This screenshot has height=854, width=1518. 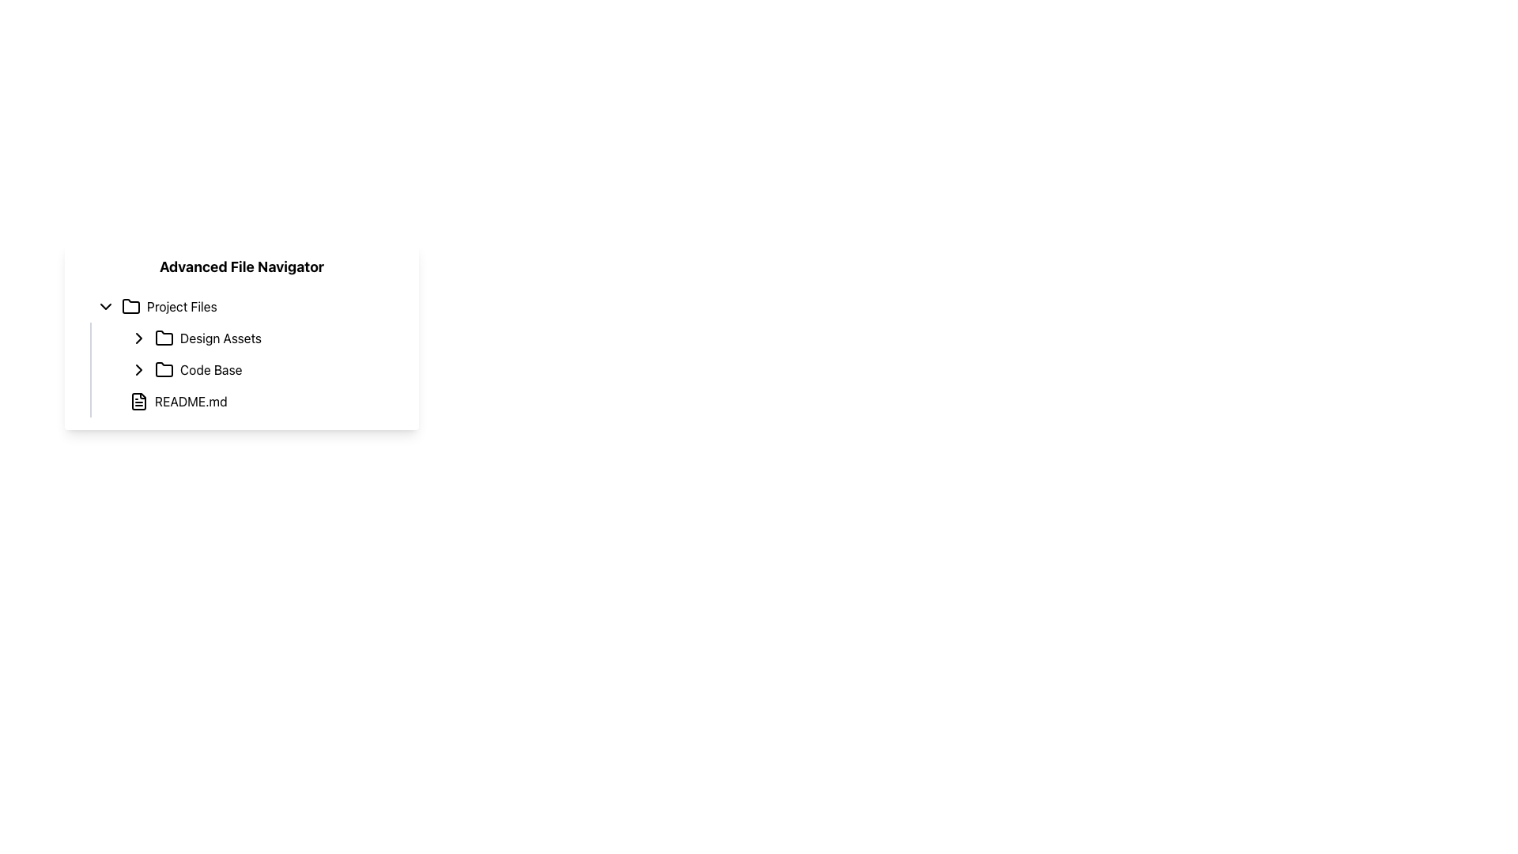 What do you see at coordinates (190, 401) in the screenshot?
I see `the 'README.md' text item` at bounding box center [190, 401].